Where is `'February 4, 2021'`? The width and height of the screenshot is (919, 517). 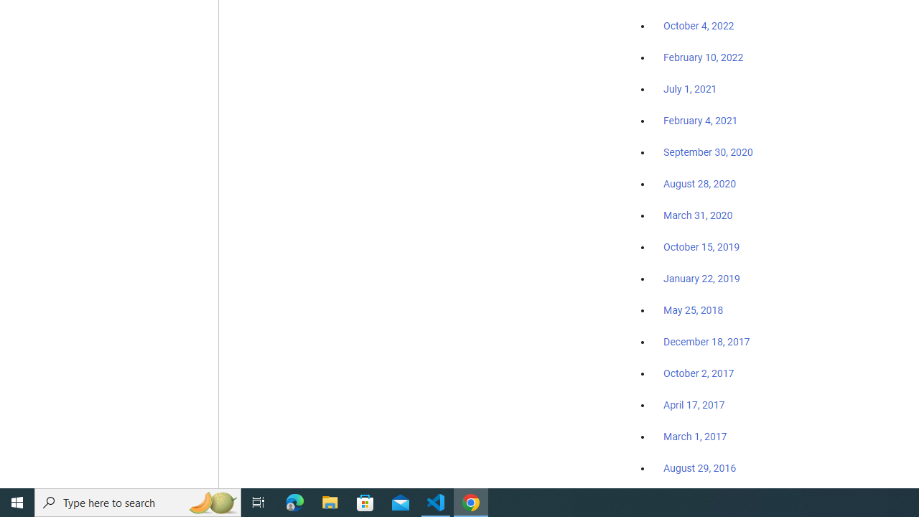 'February 4, 2021' is located at coordinates (701, 120).